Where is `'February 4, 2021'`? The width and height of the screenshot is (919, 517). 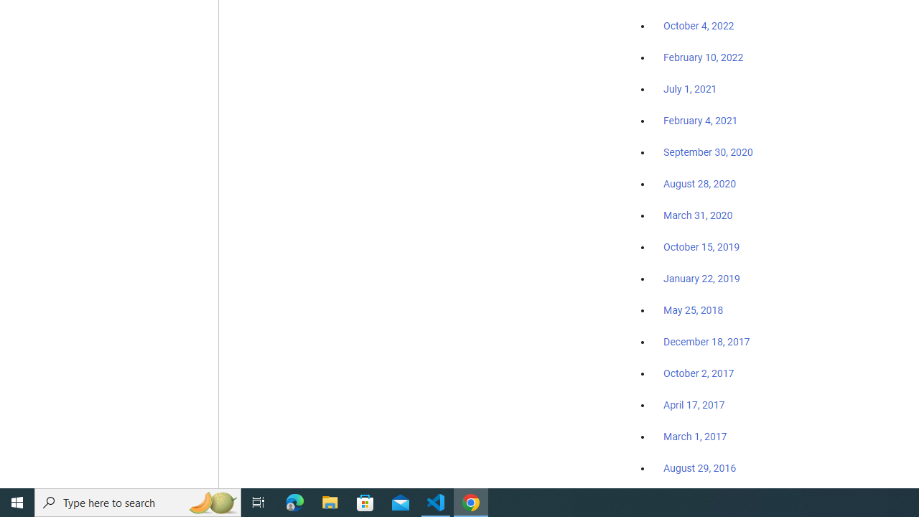 'February 4, 2021' is located at coordinates (701, 120).